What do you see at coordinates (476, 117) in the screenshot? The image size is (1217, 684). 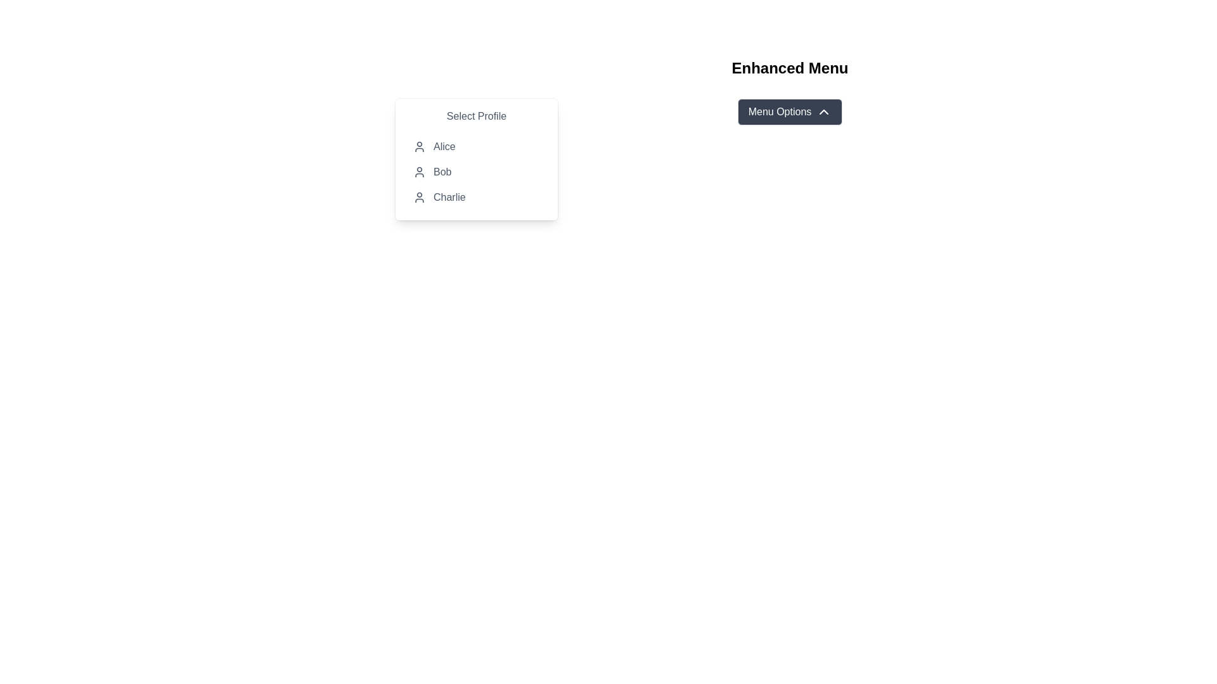 I see `the Text Label that serves as a heading for the dropdown menu, guiding the user to select a profile` at bounding box center [476, 117].